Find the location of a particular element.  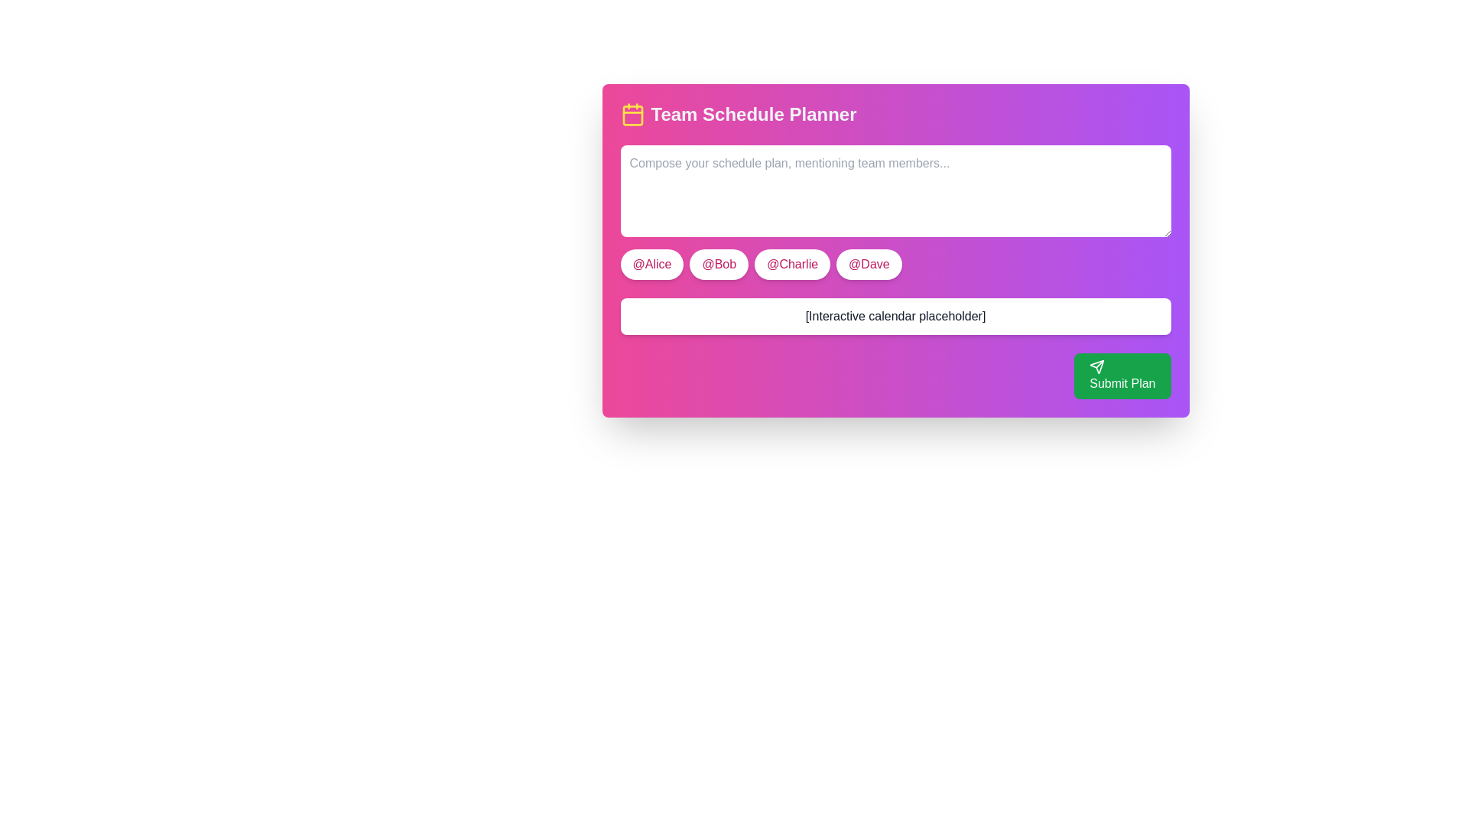

the fourth pill-shaped tag for 'Dave' in the Team Schedule Planner interface is located at coordinates (895, 249).